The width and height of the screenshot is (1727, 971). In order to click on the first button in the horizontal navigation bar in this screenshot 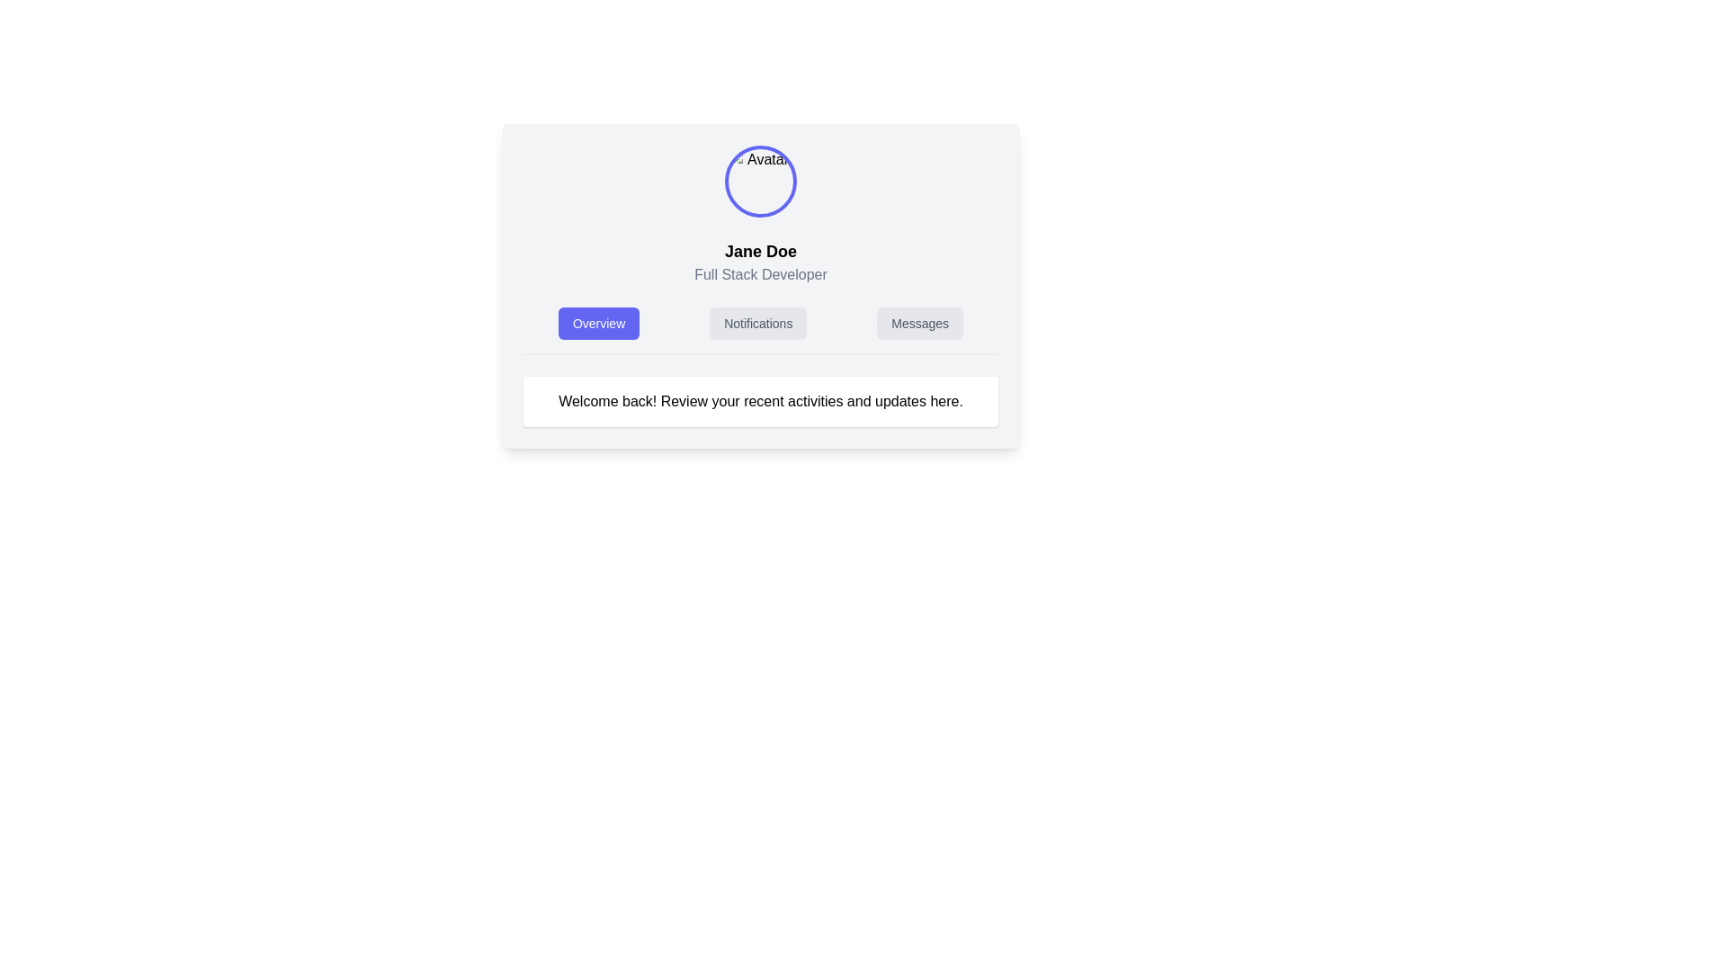, I will do `click(599, 322)`.